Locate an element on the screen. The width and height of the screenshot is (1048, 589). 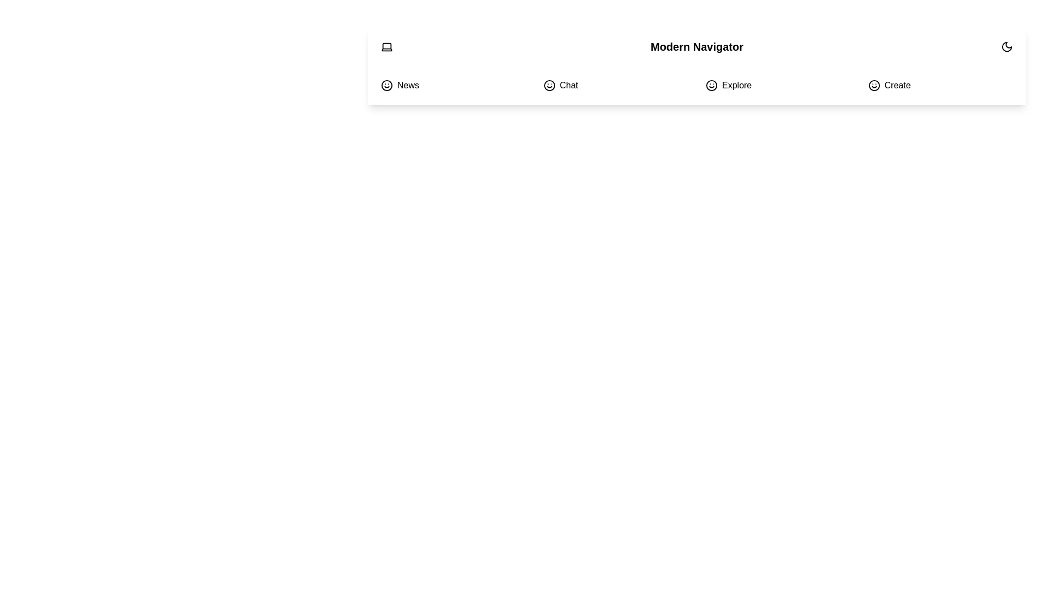
the menu item to navigate to the Create section is located at coordinates (940, 85).